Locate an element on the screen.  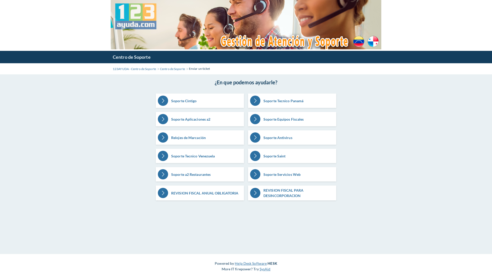
'Soporte Servicios Web' is located at coordinates (292, 174).